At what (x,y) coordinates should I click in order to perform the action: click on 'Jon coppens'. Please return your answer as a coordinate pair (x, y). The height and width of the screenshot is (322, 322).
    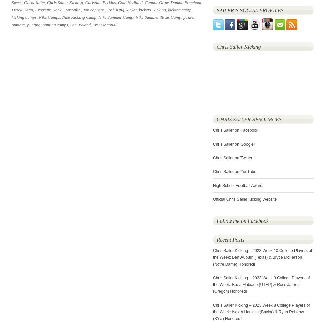
    Looking at the image, I should click on (83, 9).